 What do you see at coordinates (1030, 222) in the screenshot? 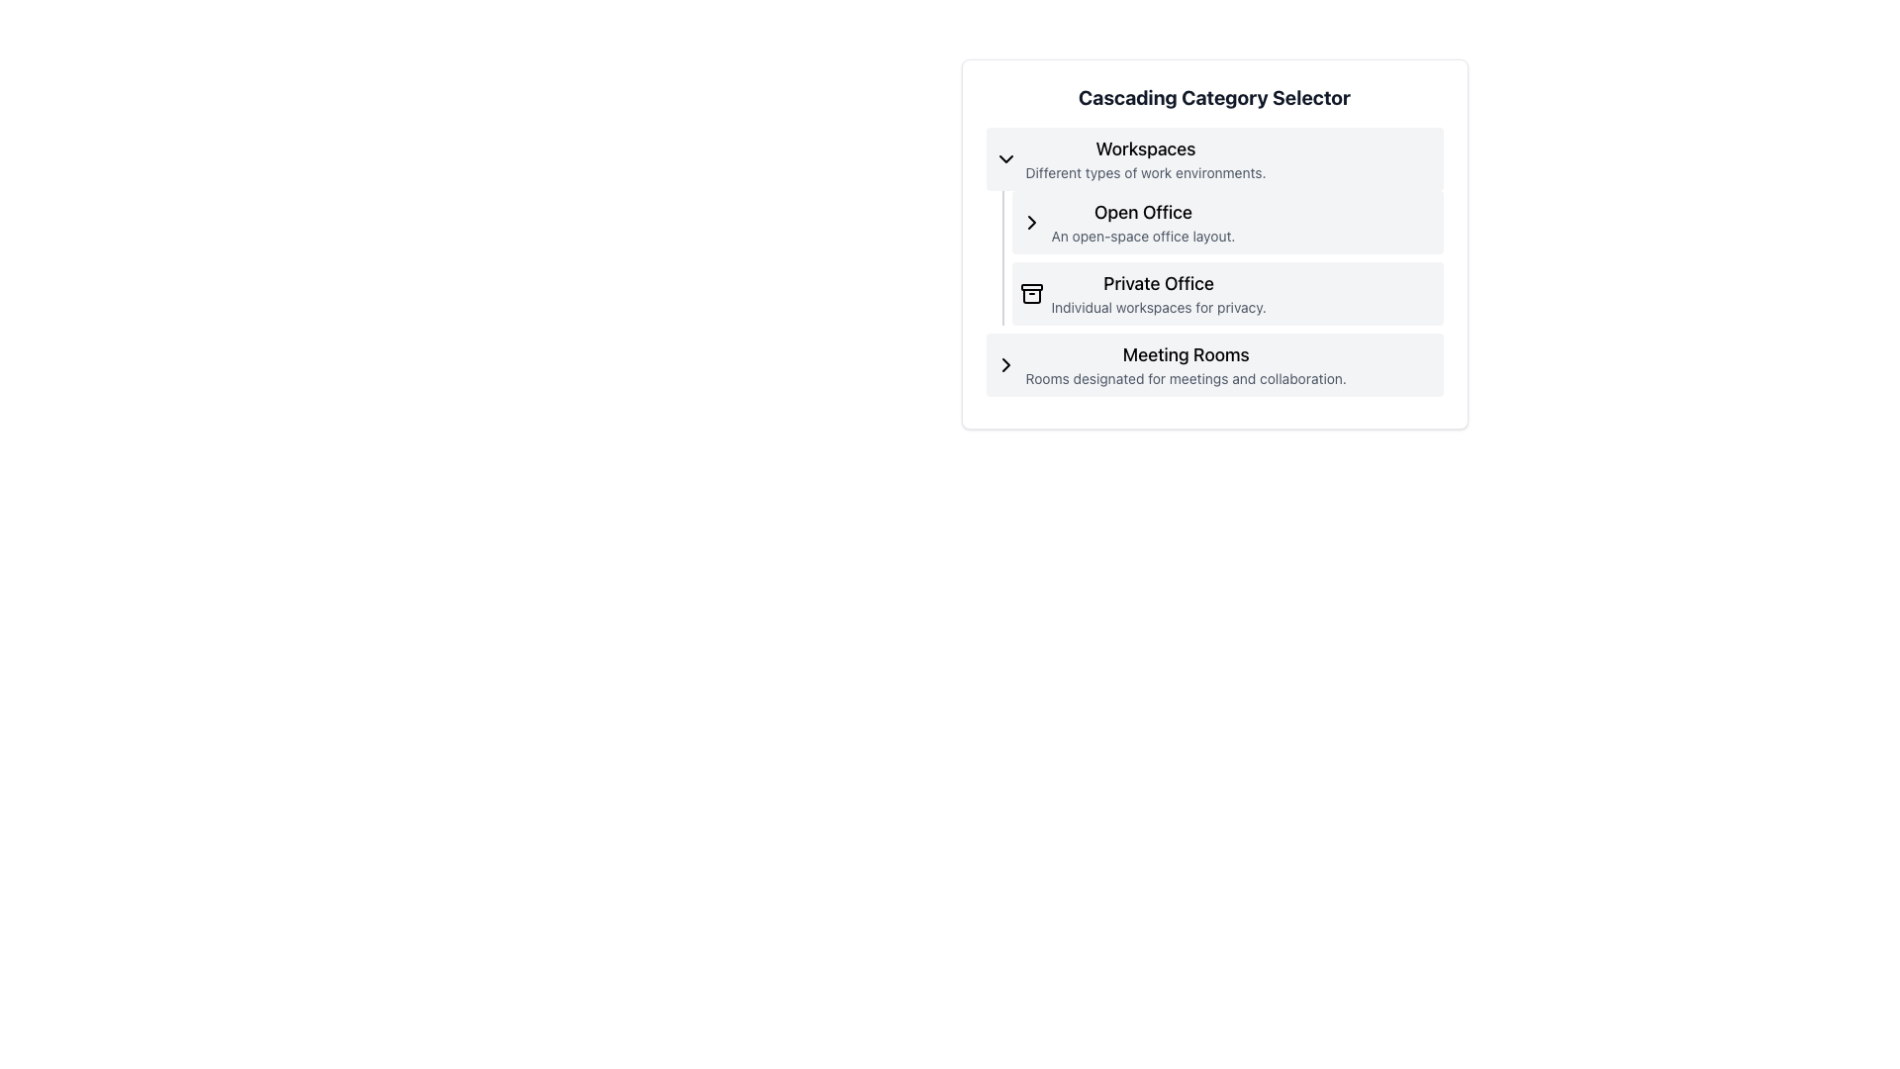
I see `the icon indicating an expandable or navigable item next to the 'Open Office' text to trigger a tooltip or highlight` at bounding box center [1030, 222].